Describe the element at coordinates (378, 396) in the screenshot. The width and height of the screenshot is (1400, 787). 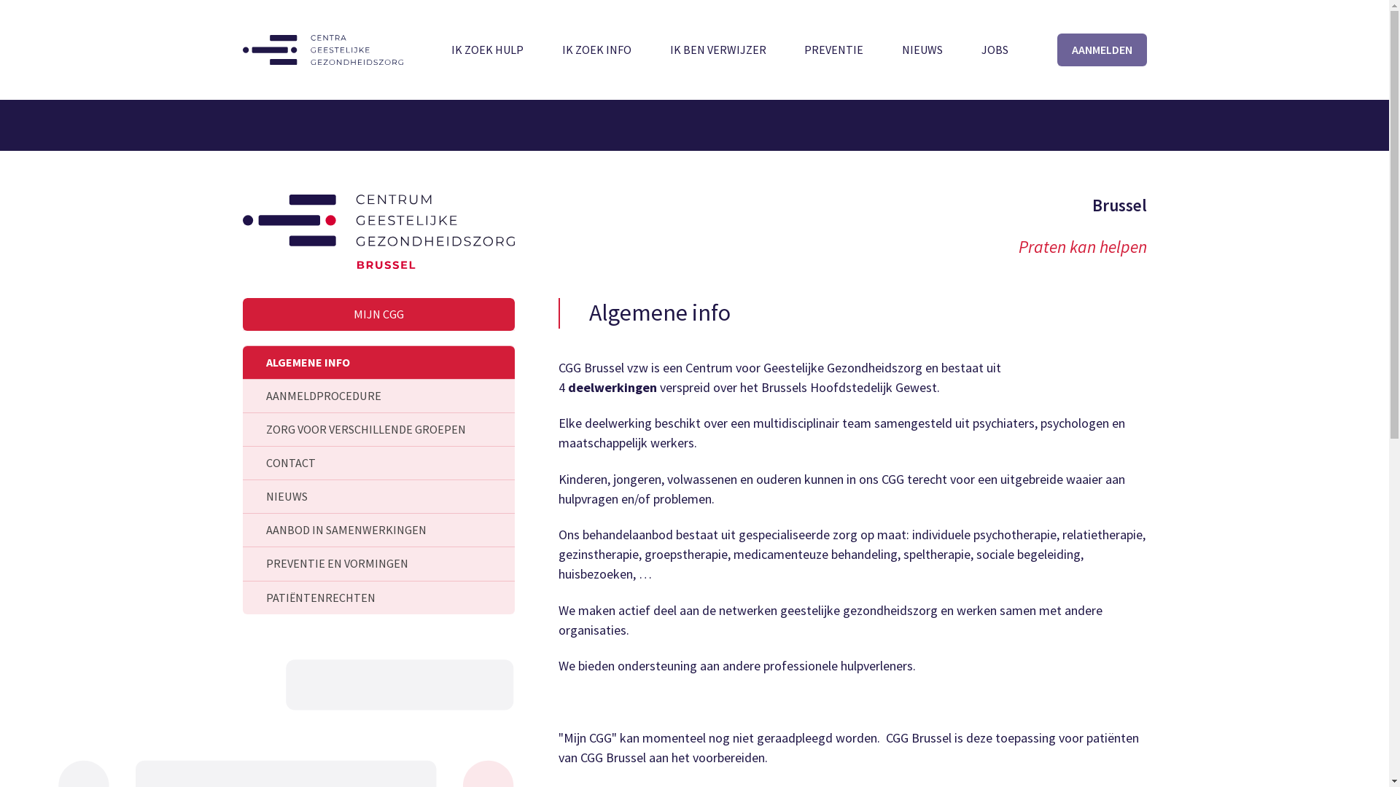
I see `'AANMELDPROCEDURE'` at that location.